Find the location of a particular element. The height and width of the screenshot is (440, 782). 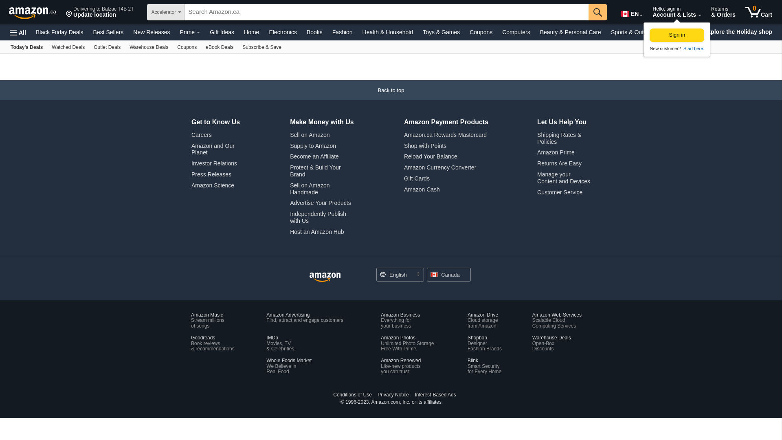

'Amazon Science' is located at coordinates (213, 185).